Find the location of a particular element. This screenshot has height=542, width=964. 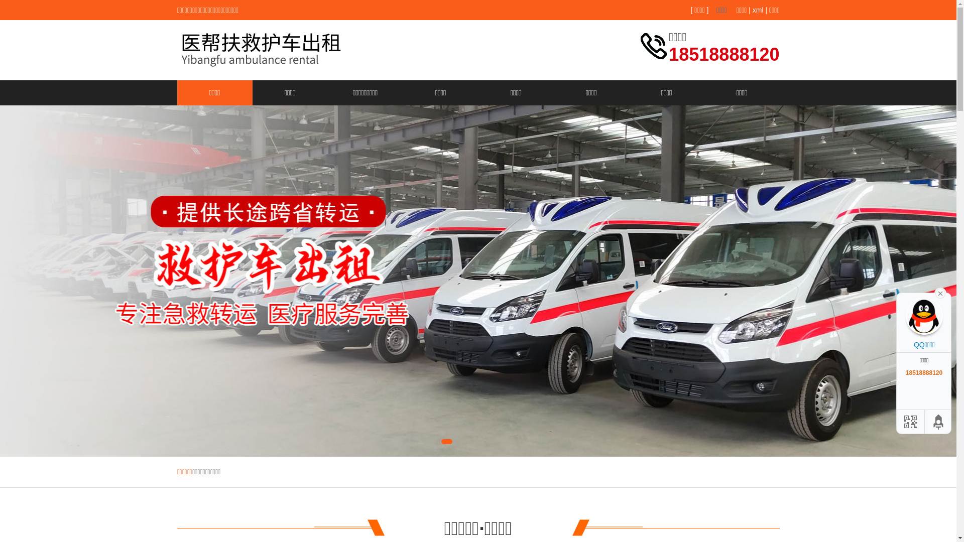

'xml' is located at coordinates (752, 10).